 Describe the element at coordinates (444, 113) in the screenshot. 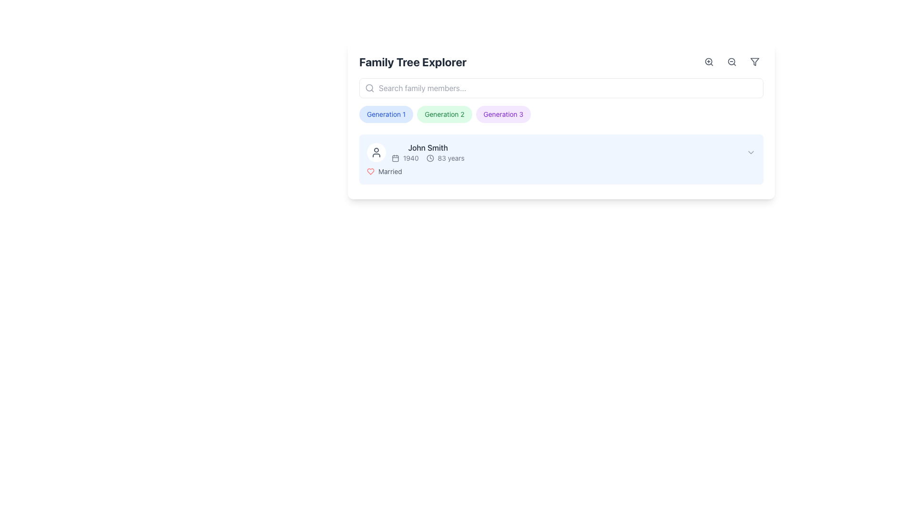

I see `the 'Generation 2' button, which is the second button in a row of three buttons labeled 'Generation 1', 'Generation 2', and 'Generation 3'` at that location.